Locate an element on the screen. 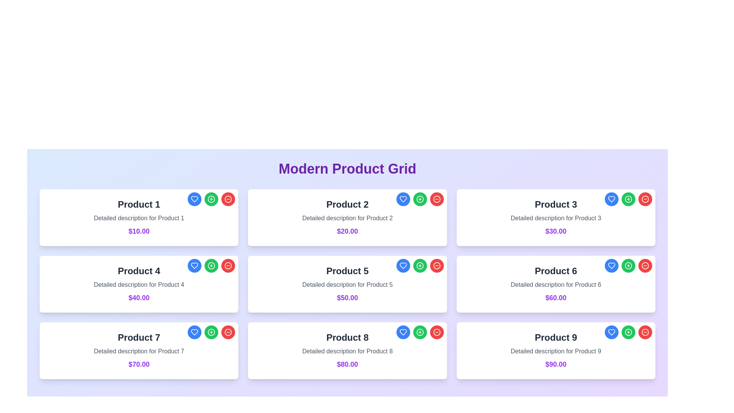 The height and width of the screenshot is (413, 734). the 'favorite' button for 'Product 4' located in the top right corner of the card is located at coordinates (195, 265).